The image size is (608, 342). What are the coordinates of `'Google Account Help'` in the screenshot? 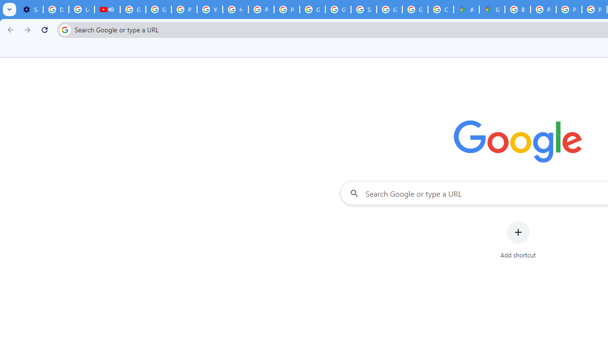 It's located at (133, 9).